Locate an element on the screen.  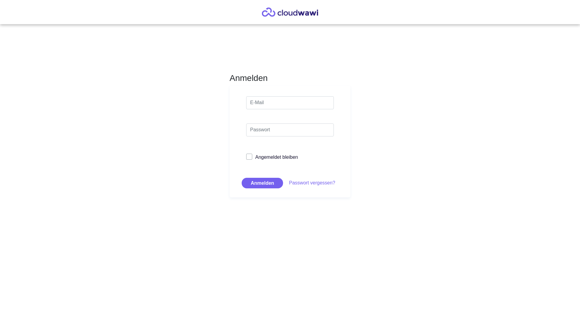
'Passwort vergessen?' is located at coordinates (312, 182).